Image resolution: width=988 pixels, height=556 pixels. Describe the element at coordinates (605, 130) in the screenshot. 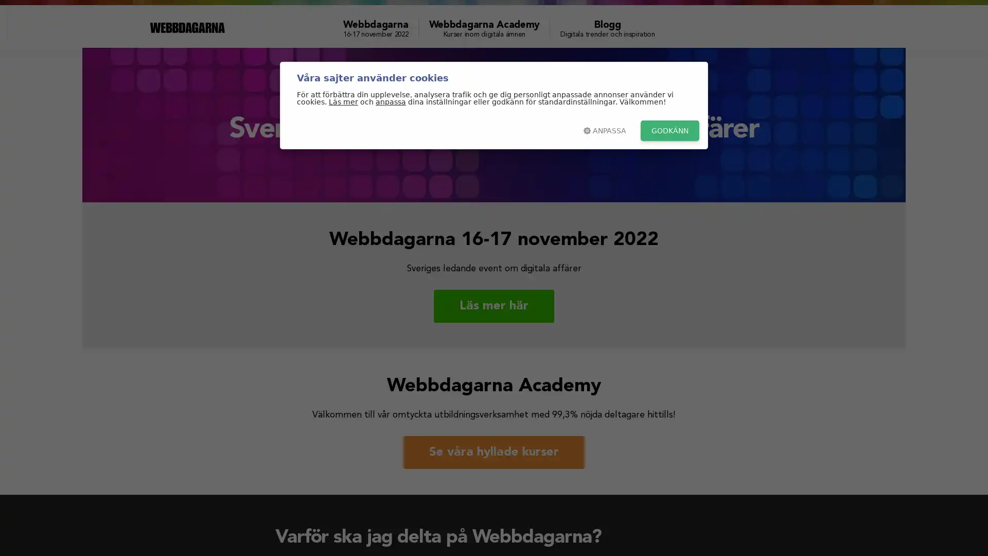

I see `INSTALLNINGAR:ANPASSA` at that location.